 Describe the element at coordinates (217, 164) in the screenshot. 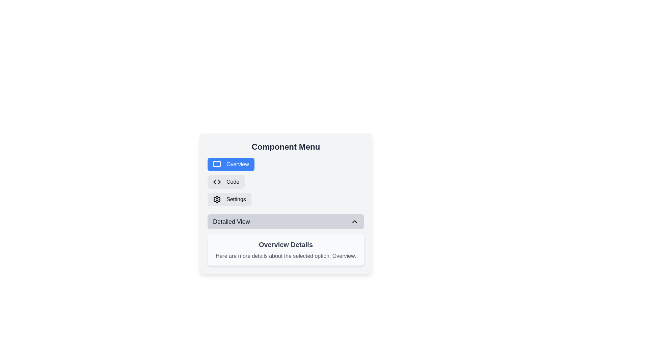

I see `the 'Overview' icon located in the upper left area of the 'Component Menu' card, which visually represents the documentation feature` at that location.